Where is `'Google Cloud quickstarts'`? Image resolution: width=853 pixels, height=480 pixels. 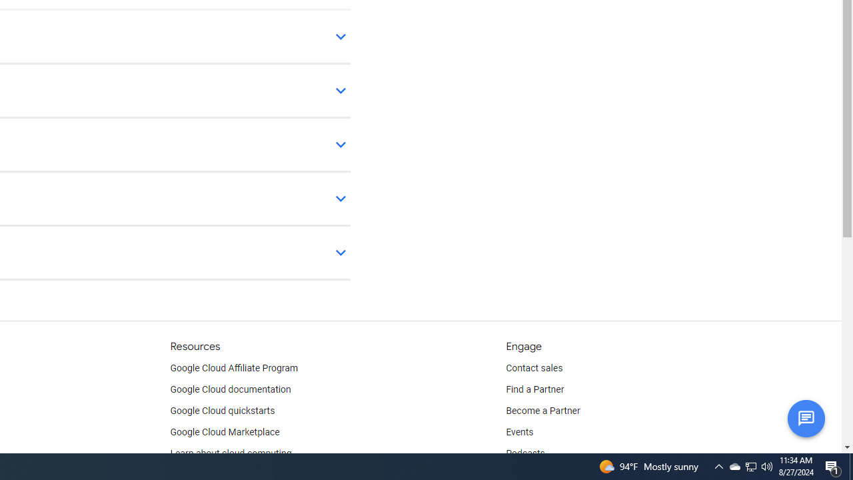
'Google Cloud quickstarts' is located at coordinates (223, 411).